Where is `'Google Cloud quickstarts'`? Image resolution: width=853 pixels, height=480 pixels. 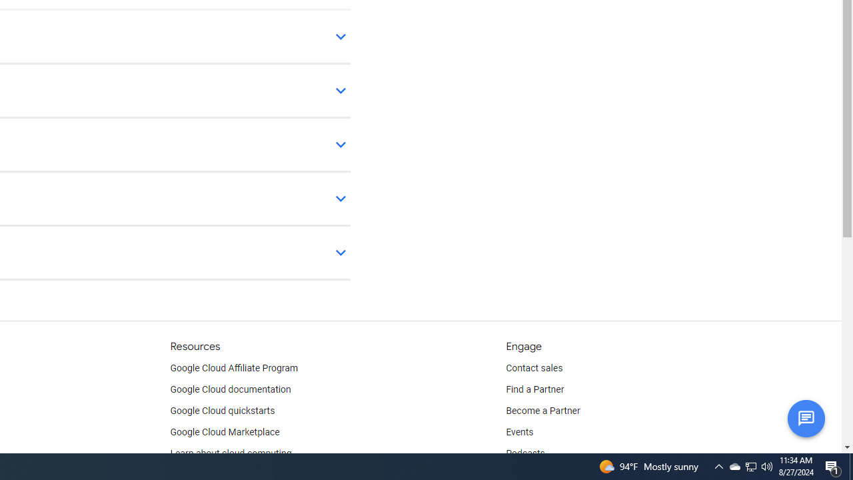
'Google Cloud quickstarts' is located at coordinates (223, 411).